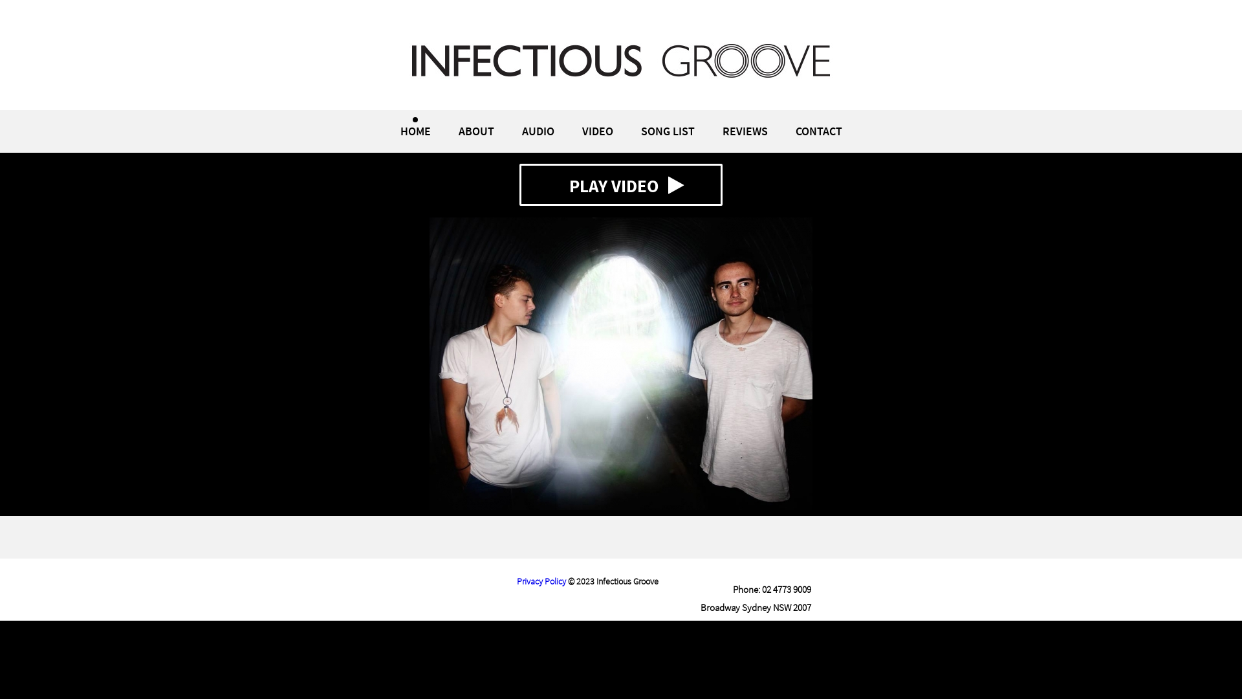 The image size is (1242, 699). Describe the element at coordinates (475, 131) in the screenshot. I see `'ABOUT'` at that location.